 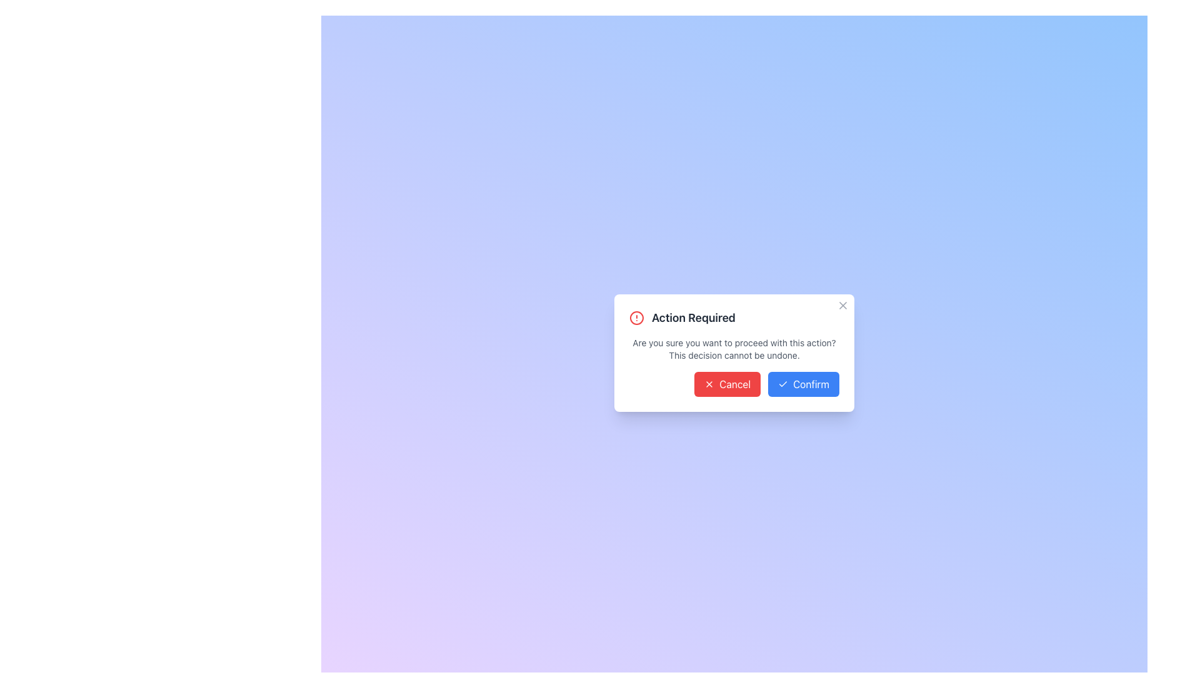 What do you see at coordinates (782, 383) in the screenshot?
I see `the Checkmark Icon located within the blue 'Confirm' button below the 'Action Required' dialog box` at bounding box center [782, 383].